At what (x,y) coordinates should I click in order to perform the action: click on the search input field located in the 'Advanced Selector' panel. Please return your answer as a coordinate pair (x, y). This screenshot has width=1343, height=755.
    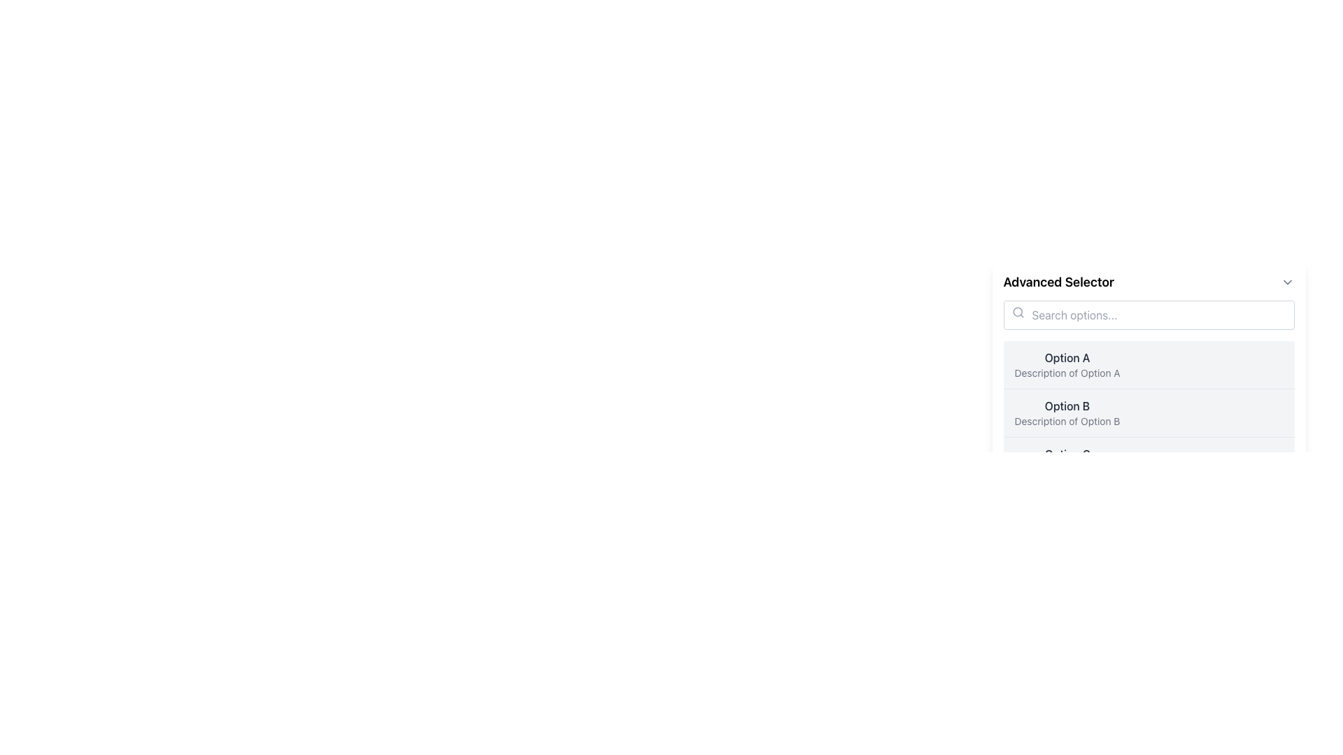
    Looking at the image, I should click on (1149, 315).